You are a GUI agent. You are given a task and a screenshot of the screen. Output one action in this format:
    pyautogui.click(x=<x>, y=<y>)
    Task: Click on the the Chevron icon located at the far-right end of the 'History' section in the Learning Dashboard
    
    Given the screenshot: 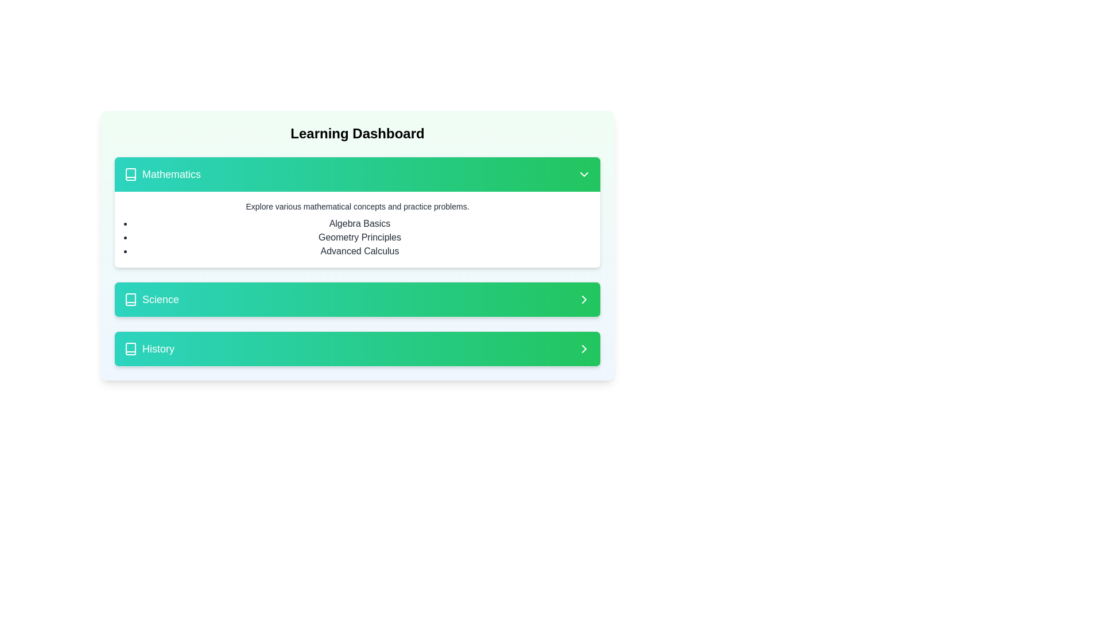 What is the action you would take?
    pyautogui.click(x=584, y=348)
    